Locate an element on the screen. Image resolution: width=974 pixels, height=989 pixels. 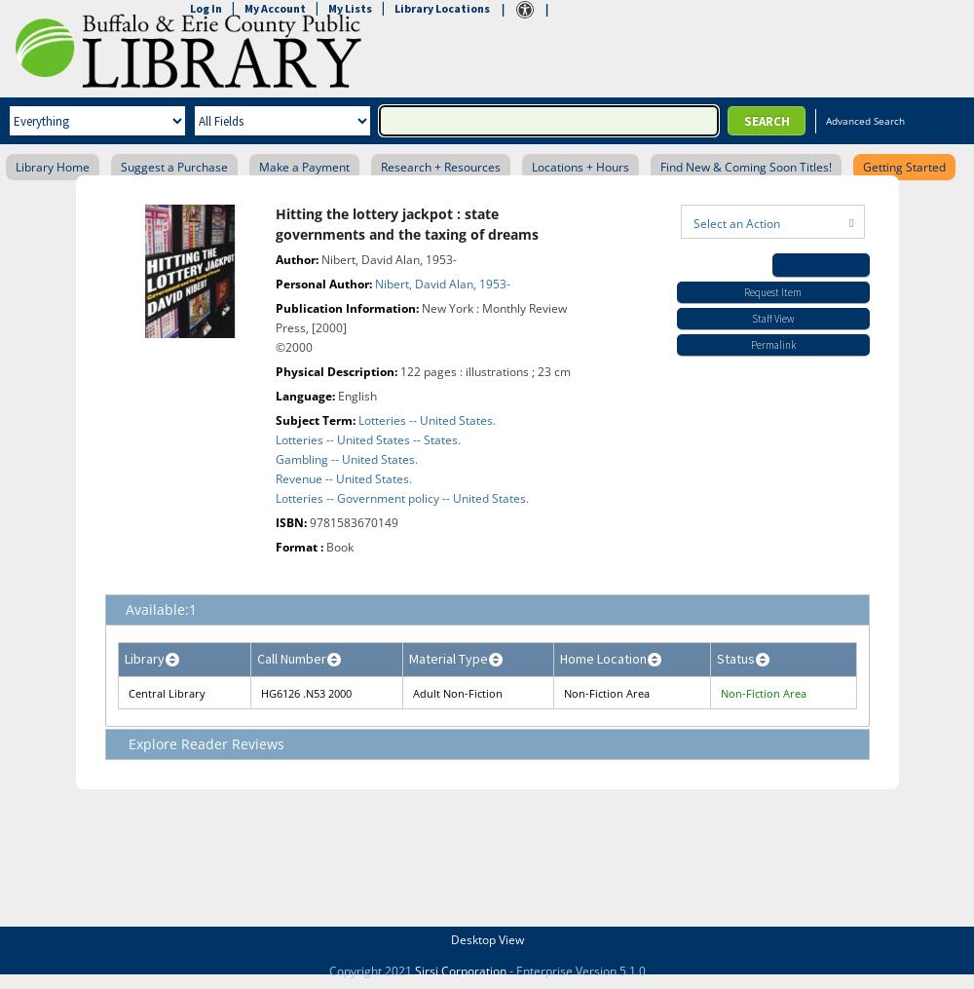
'HG6126 .N53 2000' is located at coordinates (305, 693).